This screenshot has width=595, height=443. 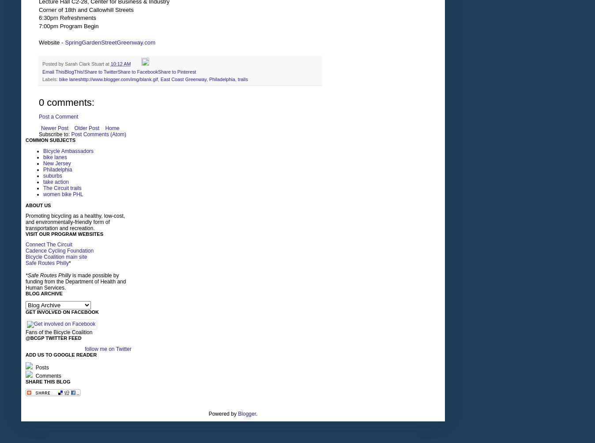 I want to click on 'trails', so click(x=242, y=78).